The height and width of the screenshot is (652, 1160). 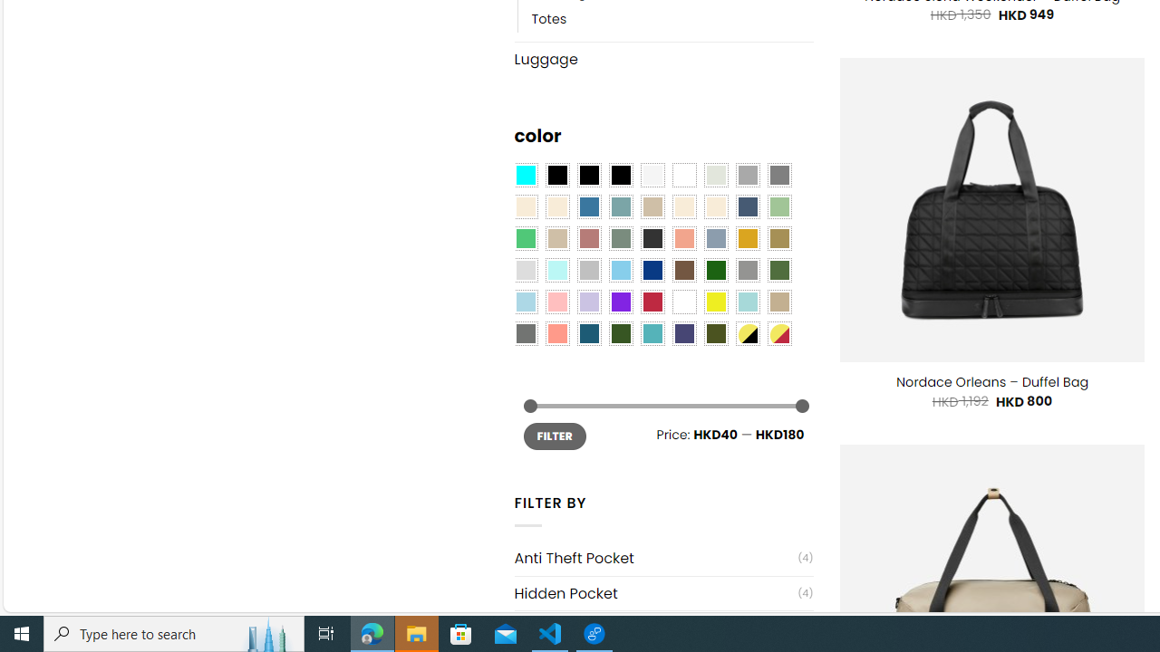 I want to click on 'Sage', so click(x=620, y=238).